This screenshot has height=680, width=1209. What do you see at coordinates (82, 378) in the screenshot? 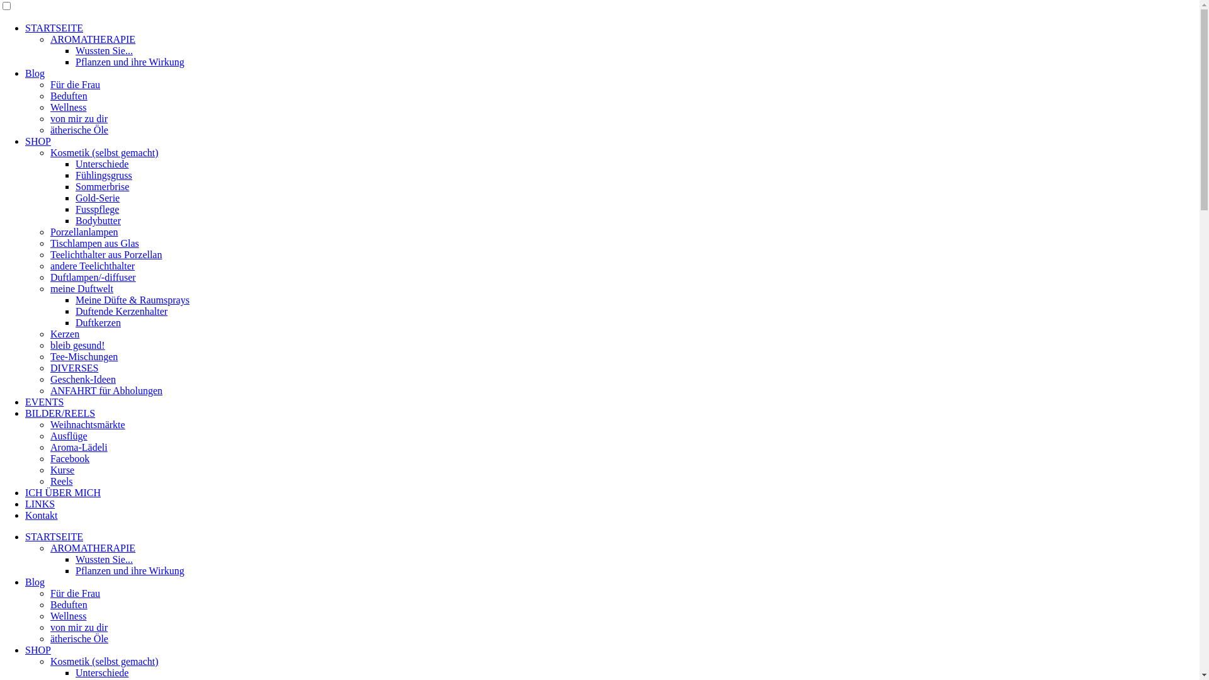
I see `'Geschenk-Ideen'` at bounding box center [82, 378].